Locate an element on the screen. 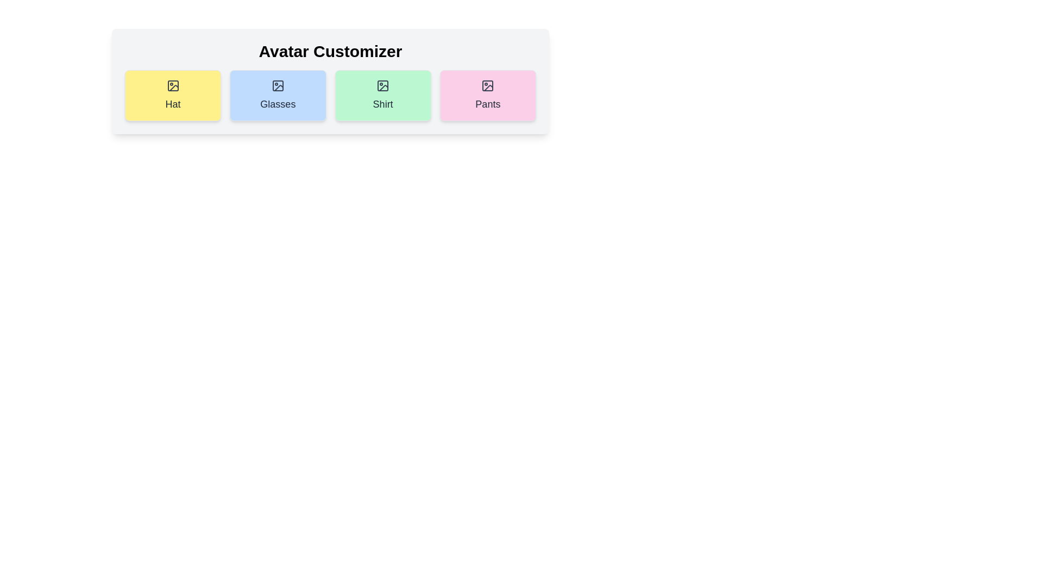 This screenshot has width=1043, height=587. the small rounded rectangle element situated inside the 'Hat' icon, which is the first icon in a horizontal list of four icons, highlighted by a yellow background is located at coordinates (172, 85).